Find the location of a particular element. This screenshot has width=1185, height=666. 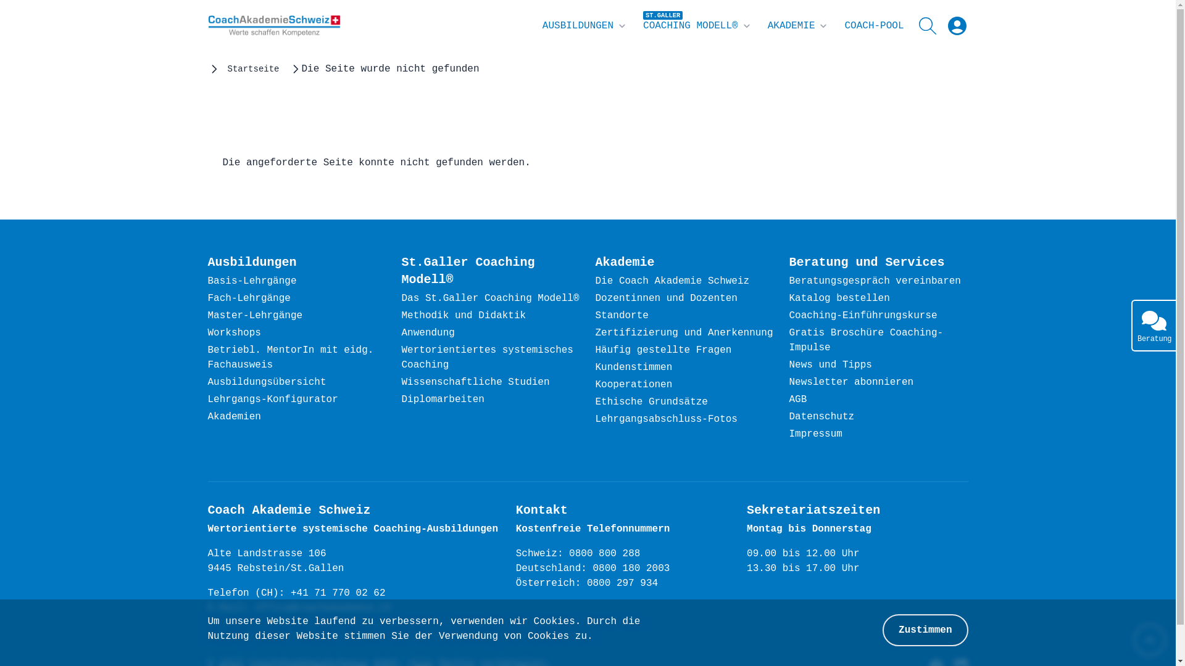

'CoachAkademieSchweiz' is located at coordinates (273, 26).